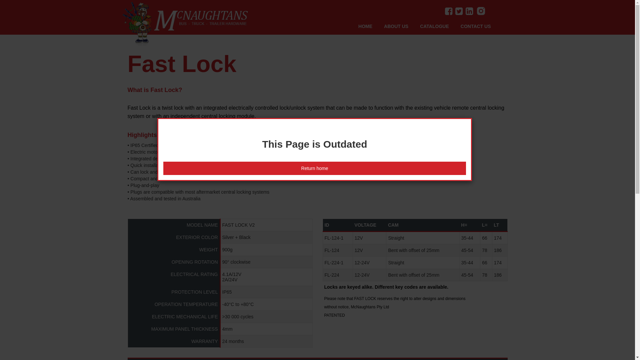 This screenshot has height=360, width=640. Describe the element at coordinates (314, 168) in the screenshot. I see `'Return home'` at that location.